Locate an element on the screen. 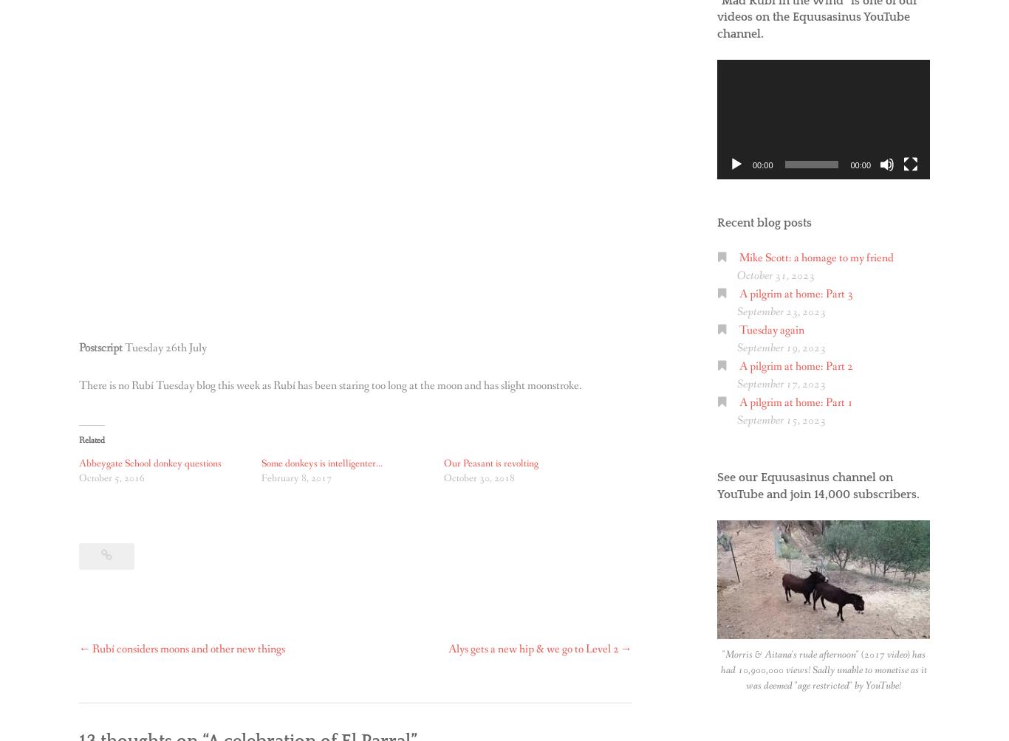 This screenshot has width=1009, height=741. 'September 19, 2023' is located at coordinates (736, 347).